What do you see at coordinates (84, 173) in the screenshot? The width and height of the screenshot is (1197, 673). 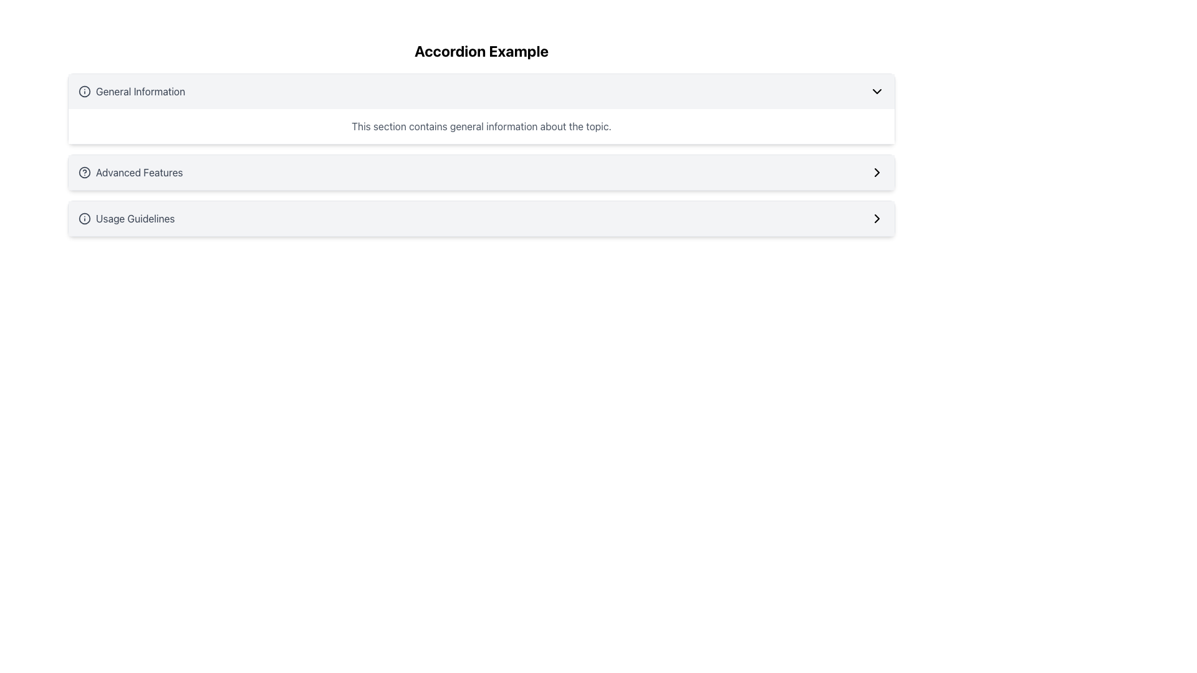 I see `the decorative graphical icon component located in the top-left area adjacent to the 'Advanced Features' entry of the accordion interface` at bounding box center [84, 173].